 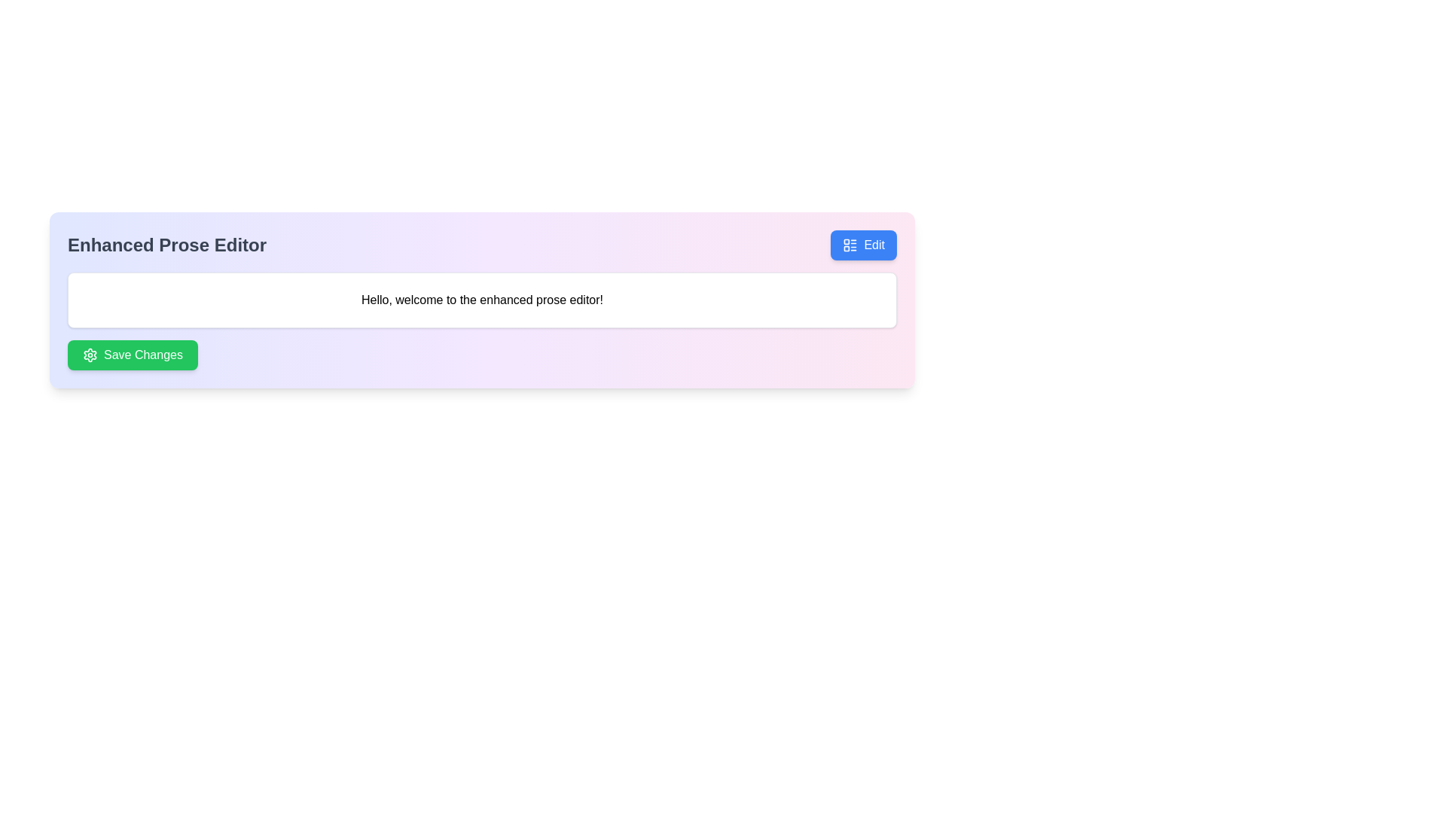 I want to click on the large bold text label reading 'Enhanced Prose Editor' located in the top-left section of the interface, aligned to the left of the 'Edit' button, so click(x=166, y=245).